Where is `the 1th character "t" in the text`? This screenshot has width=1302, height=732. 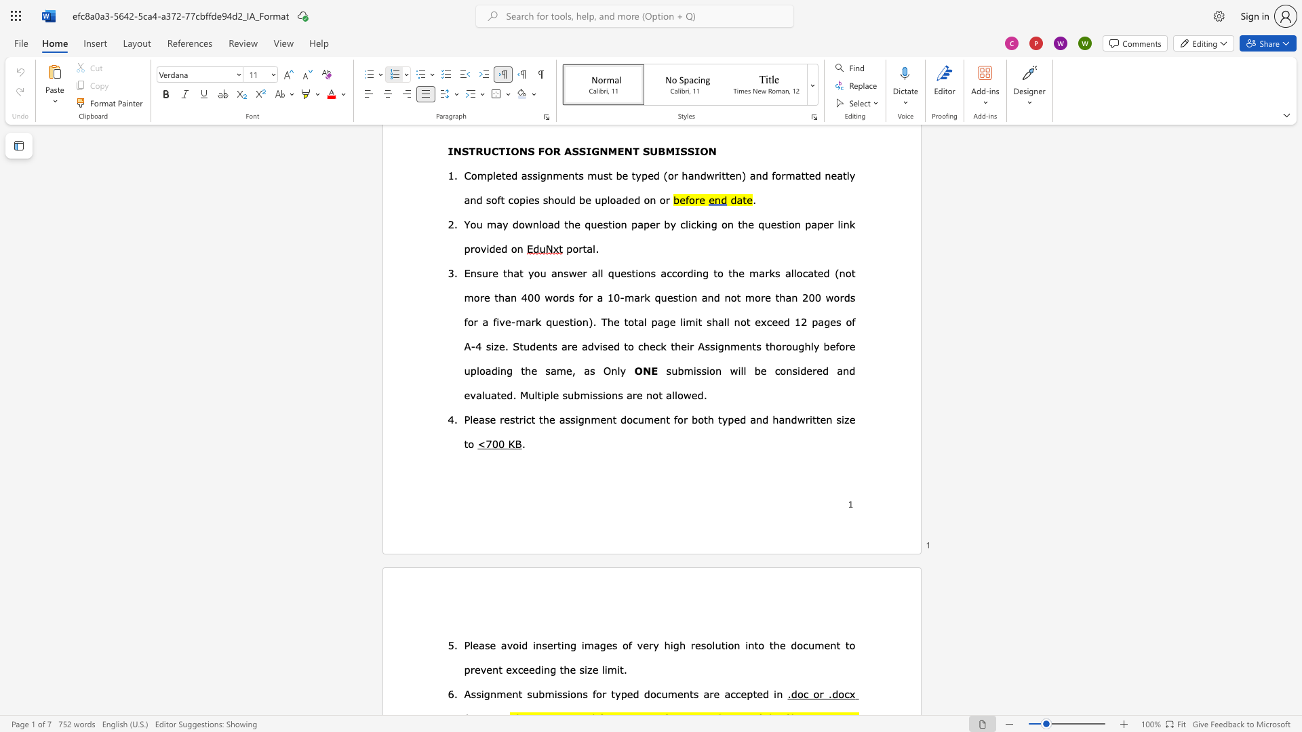 the 1th character "t" in the text is located at coordinates (754, 693).